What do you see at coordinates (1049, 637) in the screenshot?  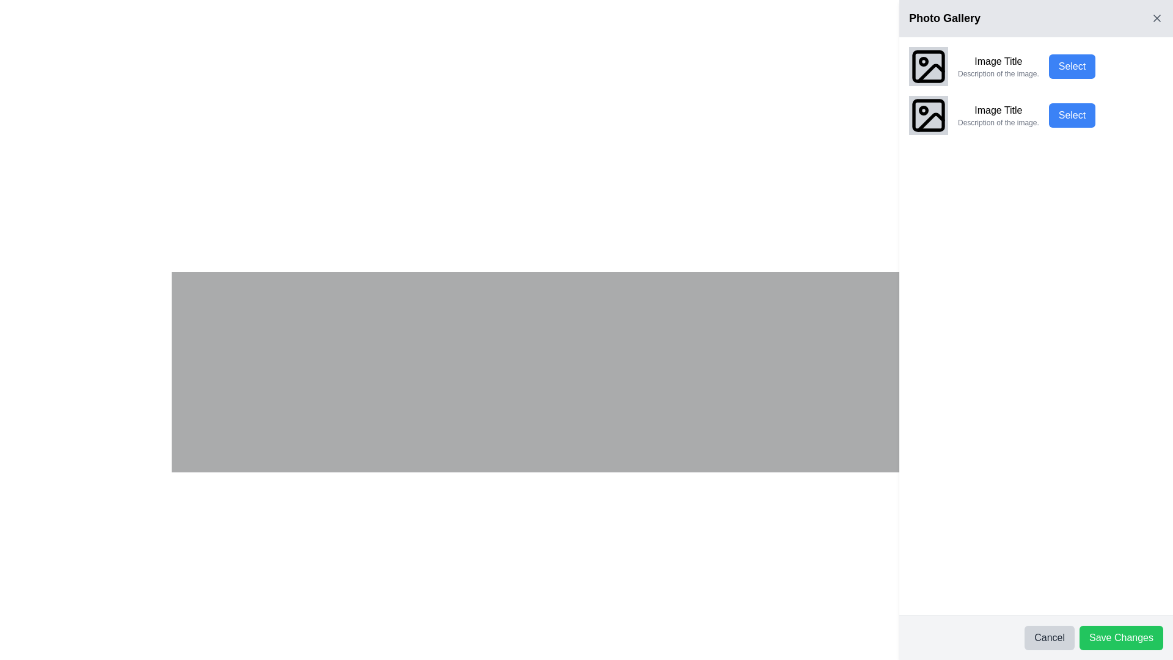 I see `the cancellation button located at the bottom-right corner of the interface to observe the background color change to darker gray` at bounding box center [1049, 637].